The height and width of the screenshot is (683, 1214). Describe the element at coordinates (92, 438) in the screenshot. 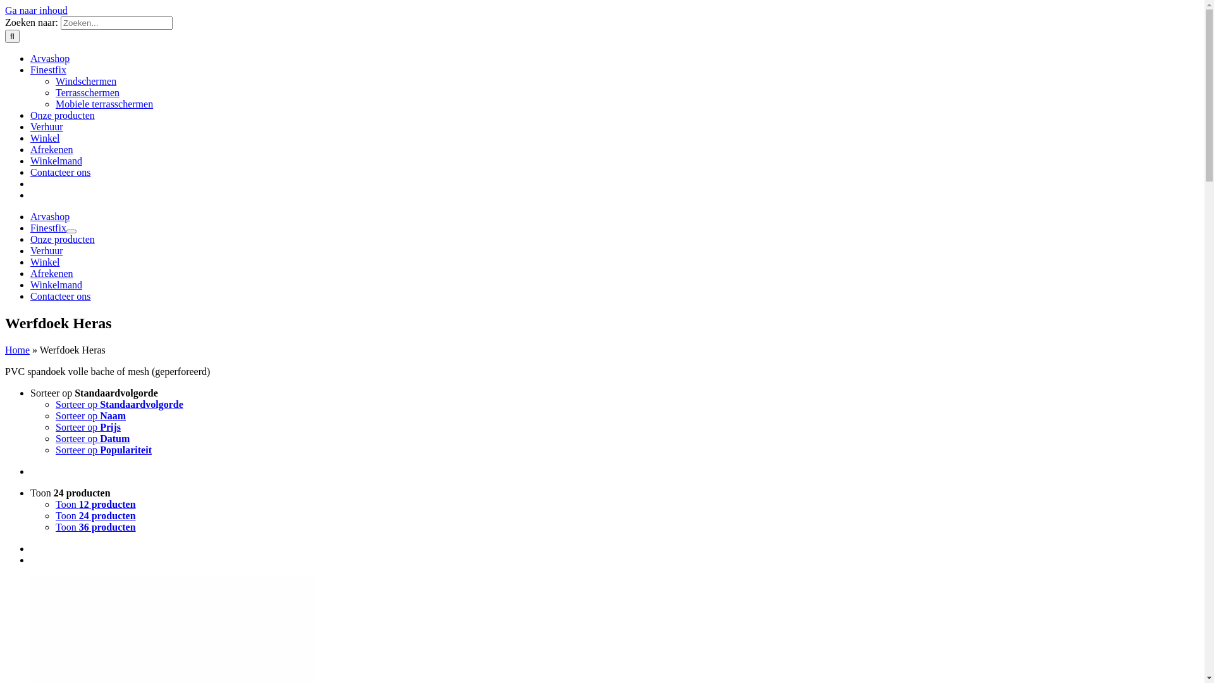

I see `'Sorteer op Datum'` at that location.